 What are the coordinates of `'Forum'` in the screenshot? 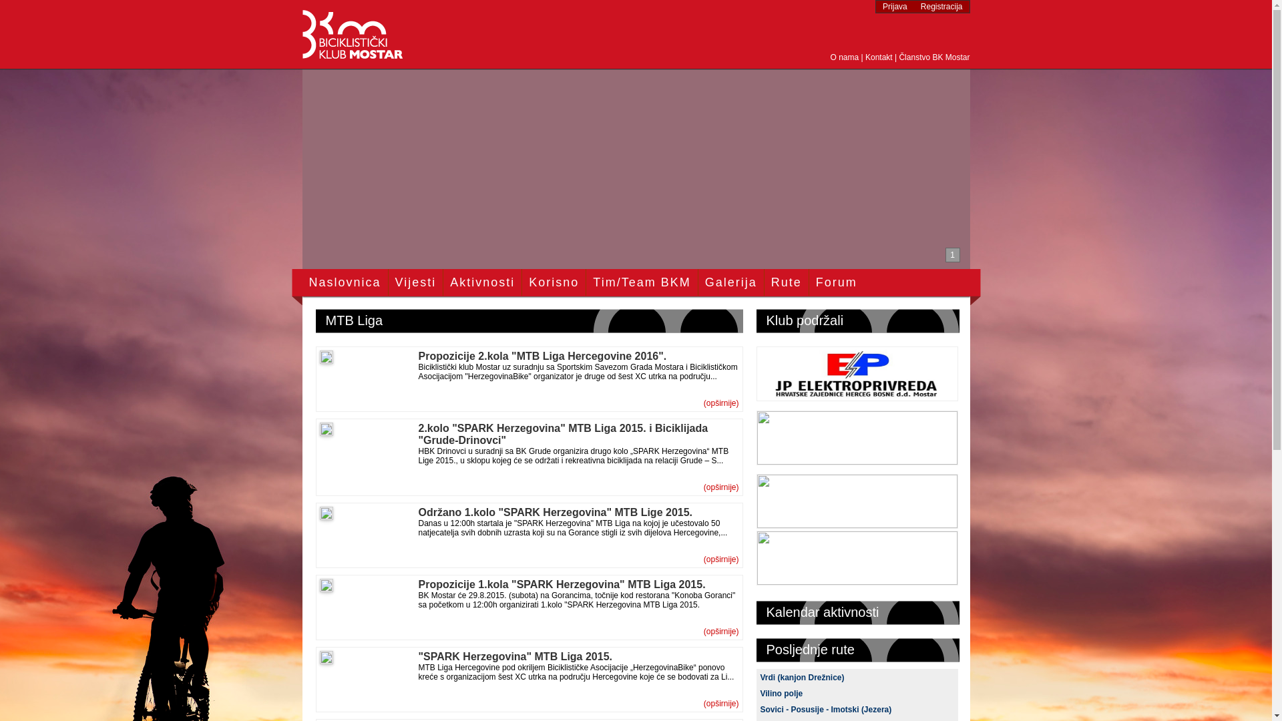 It's located at (835, 282).